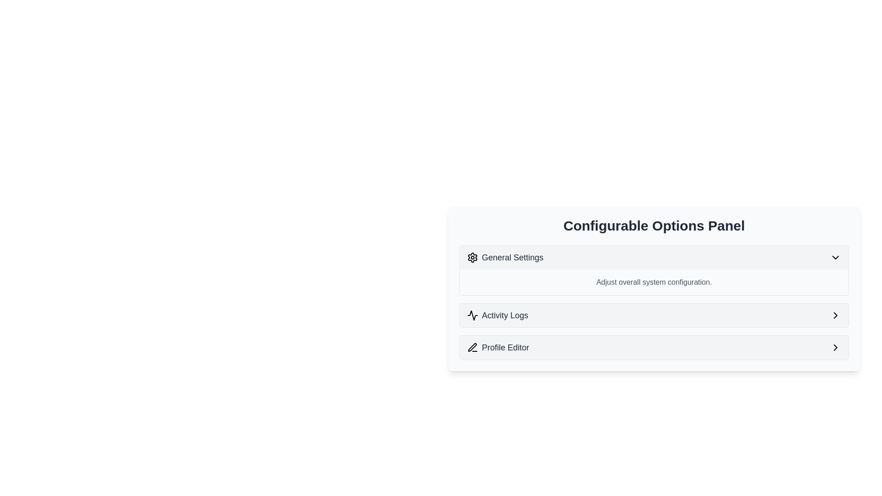  I want to click on the textual label that states 'Adjust overall system configuration.' which is located in the center of the section labeled 'General Settings', so click(654, 282).